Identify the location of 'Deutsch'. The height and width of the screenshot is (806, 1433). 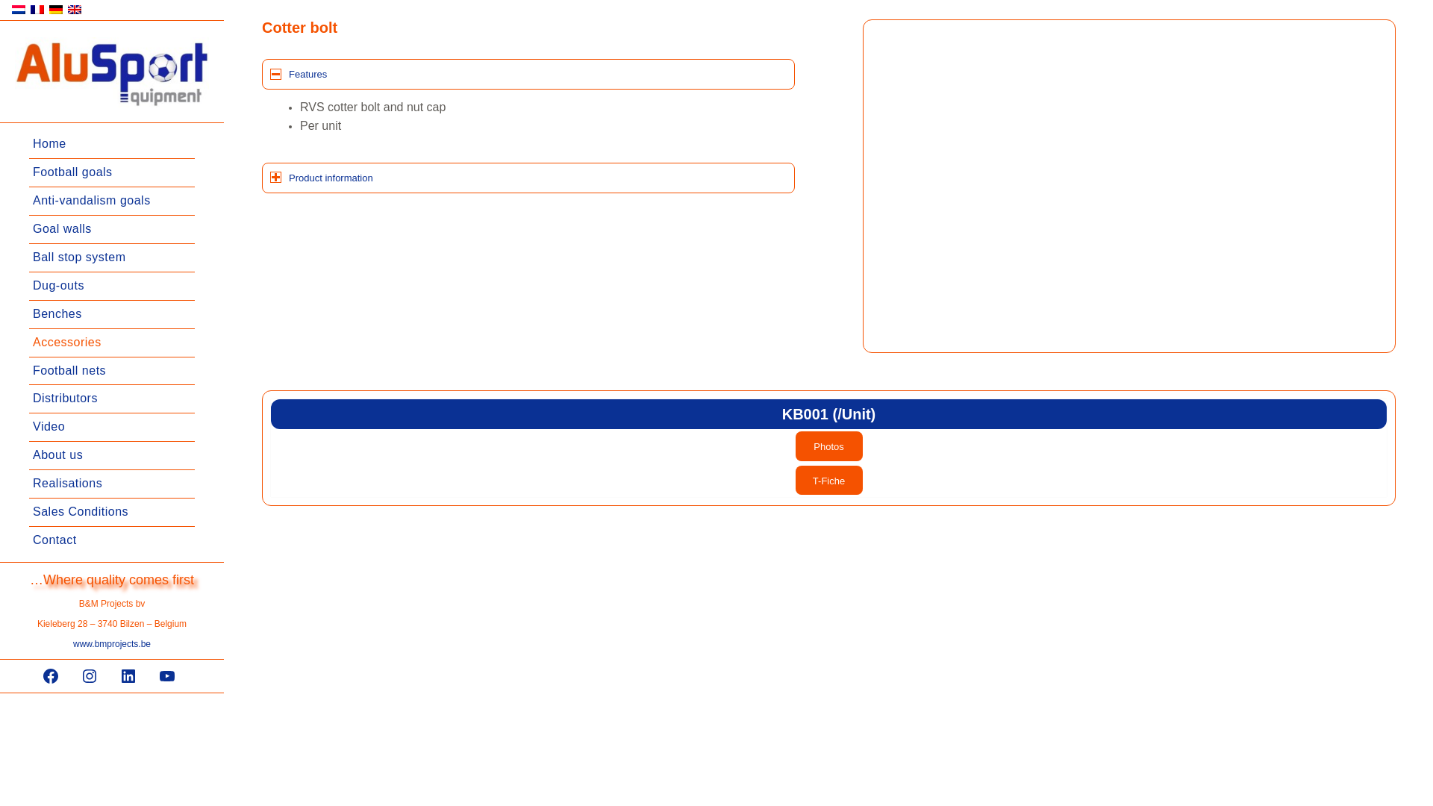
(56, 9).